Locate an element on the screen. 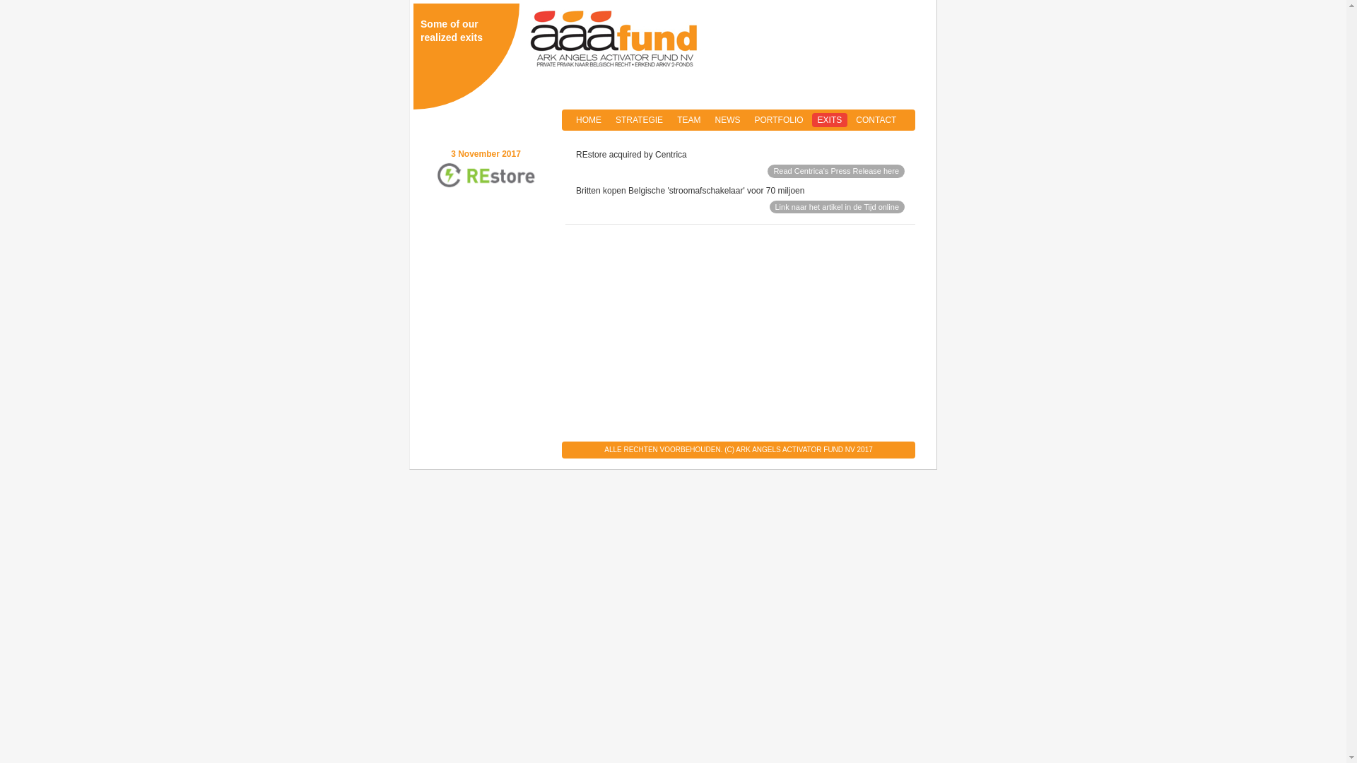  'NEWS' is located at coordinates (727, 119).